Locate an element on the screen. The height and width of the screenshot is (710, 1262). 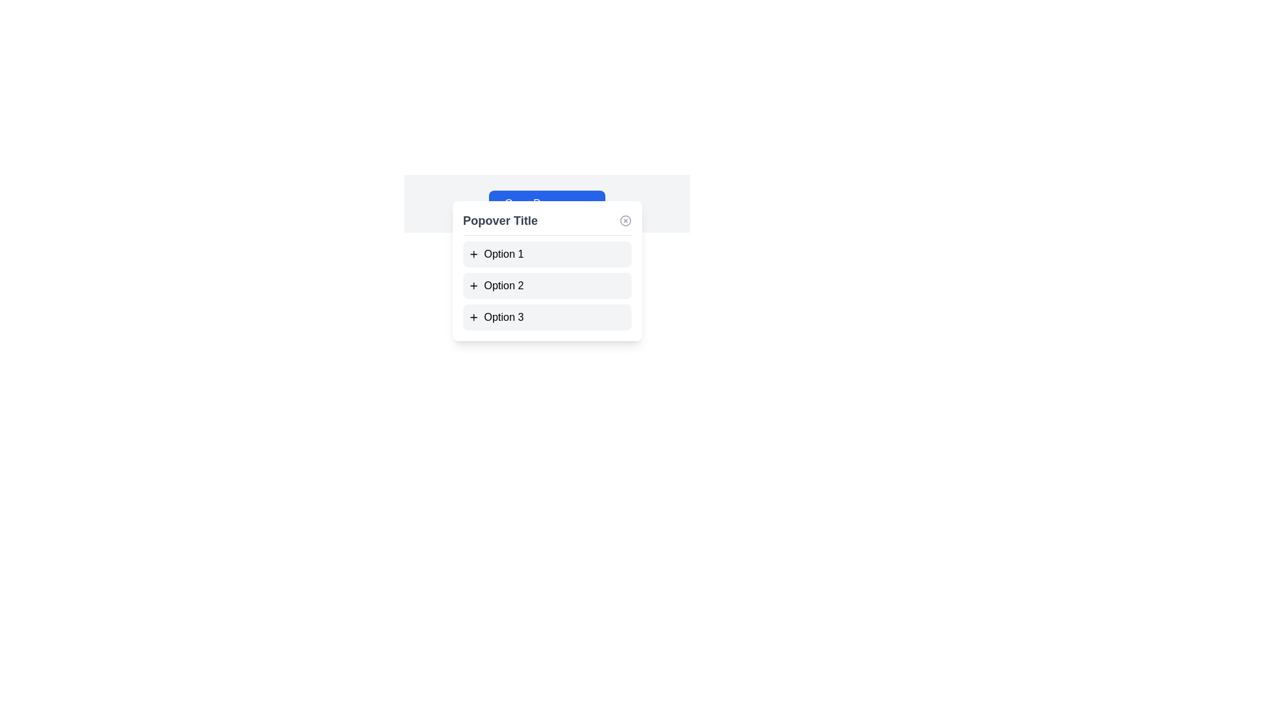
the downward-facing chevron icon located inside the 'Open Popover' button, which is represented by a triangular shape with its peak pointing downward and enclosed in a blue background is located at coordinates (583, 203).